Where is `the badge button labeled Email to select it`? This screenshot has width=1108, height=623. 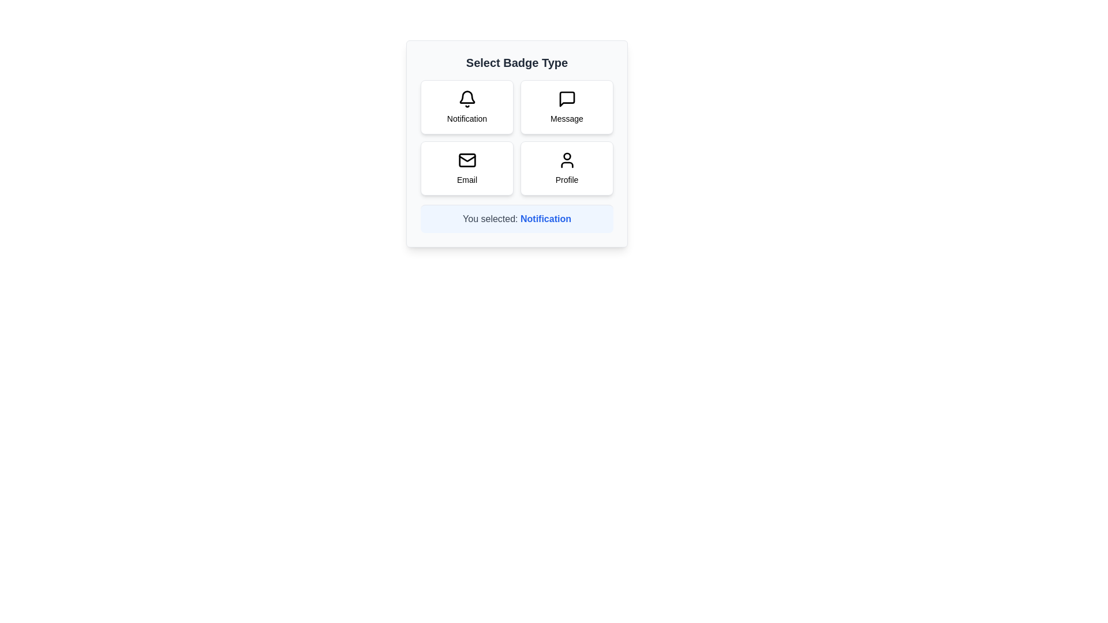
the badge button labeled Email to select it is located at coordinates (467, 168).